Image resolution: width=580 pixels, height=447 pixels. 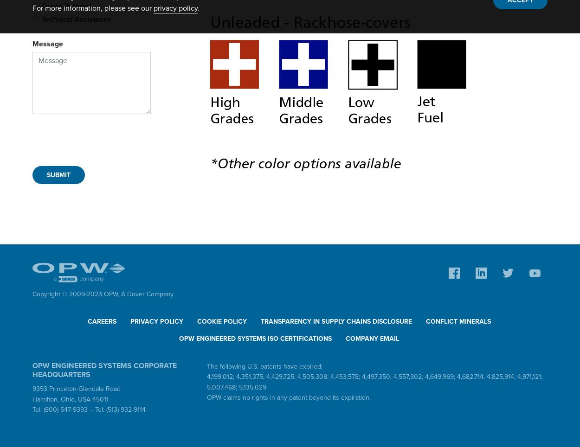 What do you see at coordinates (66, 6) in the screenshot?
I see `'Quote Request'` at bounding box center [66, 6].